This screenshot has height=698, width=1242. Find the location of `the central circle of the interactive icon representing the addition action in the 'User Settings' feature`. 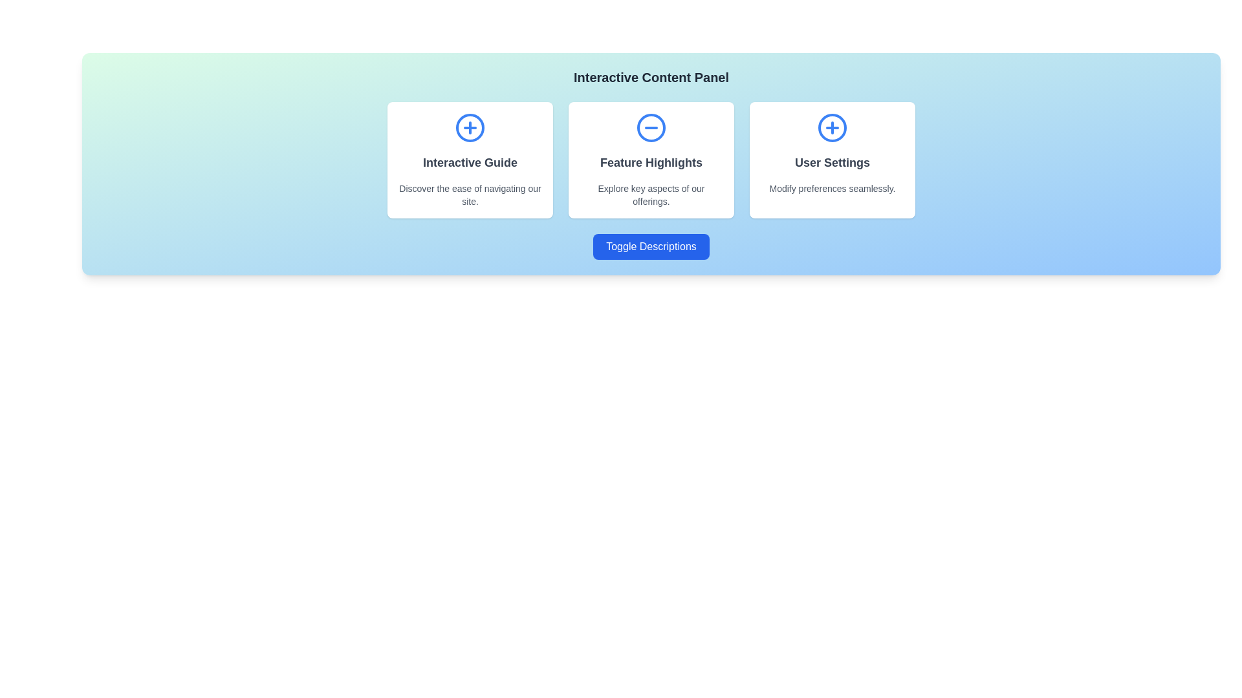

the central circle of the interactive icon representing the addition action in the 'User Settings' feature is located at coordinates (832, 127).